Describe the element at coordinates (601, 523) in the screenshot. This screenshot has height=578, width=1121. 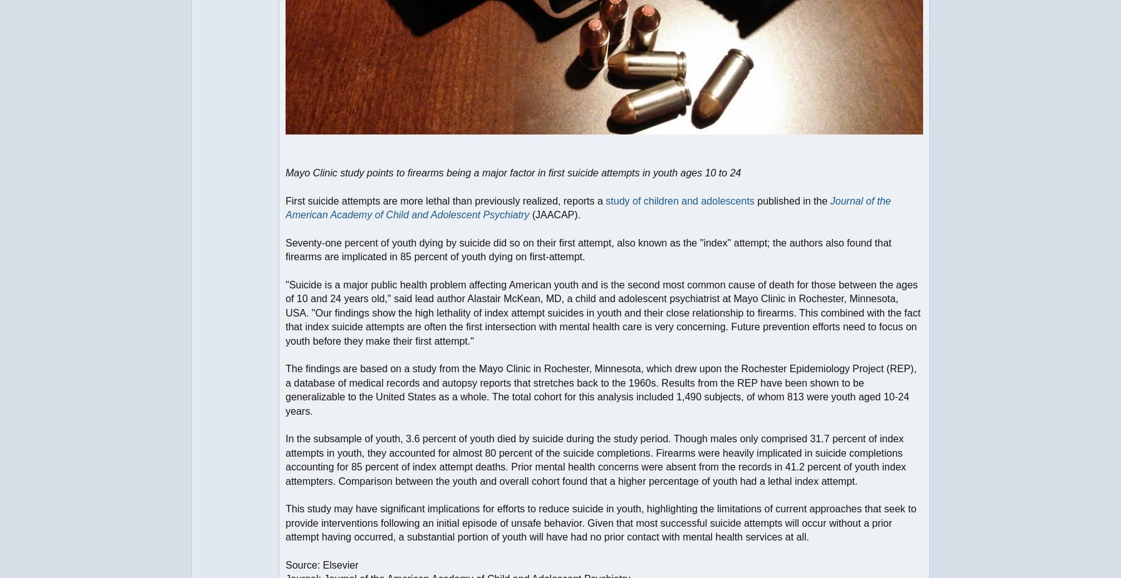
I see `'This study may have significant implications for efforts to reduce suicide in youth, highlighting the limitations of current approaches that seek to provide interventions following an initial episode of unsafe behavior. Given that most successful suicide attempts will occur without a prior attempt having occurred, a substantial portion of youth will have had no prior contact with mental health services at all.'` at that location.